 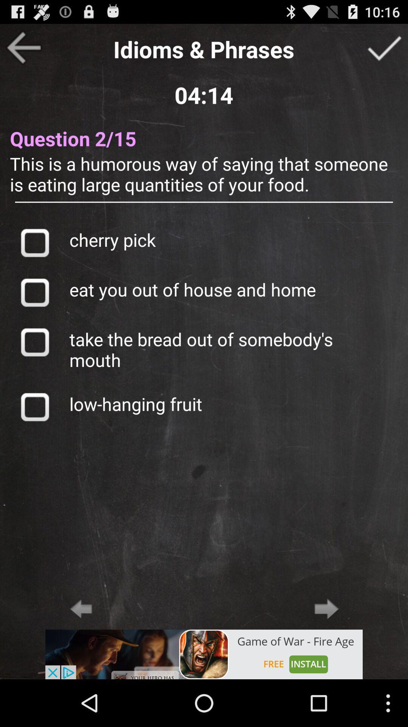 I want to click on next, so click(x=326, y=608).